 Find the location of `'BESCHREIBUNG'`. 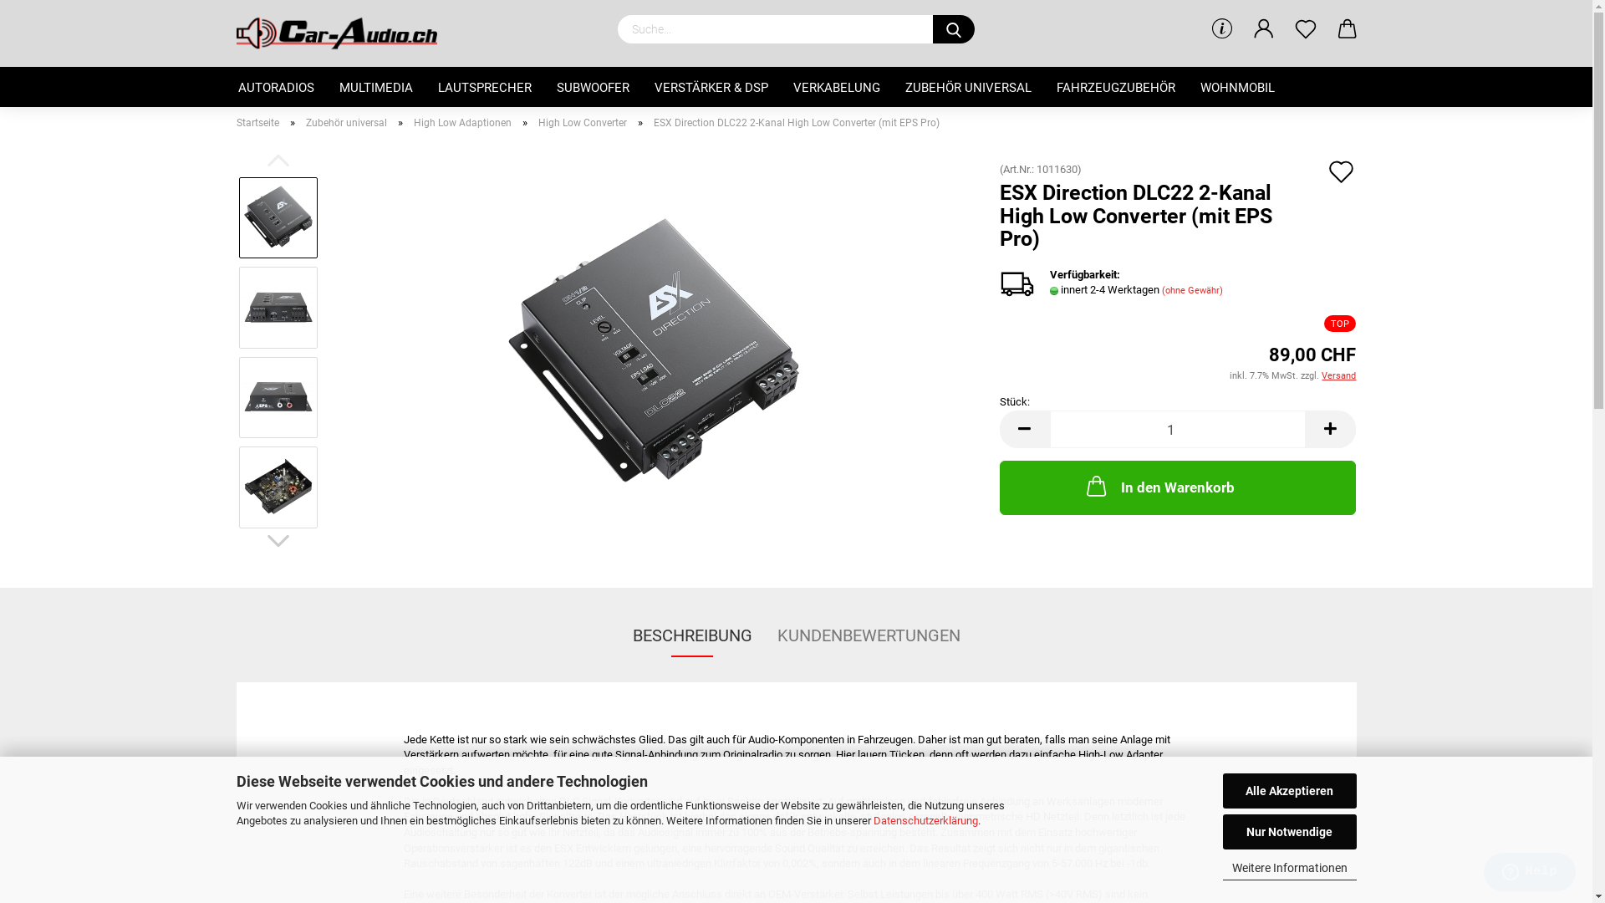

'BESCHREIBUNG' is located at coordinates (692, 635).